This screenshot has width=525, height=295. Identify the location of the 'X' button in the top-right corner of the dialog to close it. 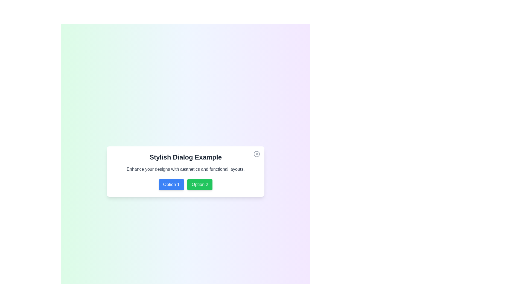
(256, 154).